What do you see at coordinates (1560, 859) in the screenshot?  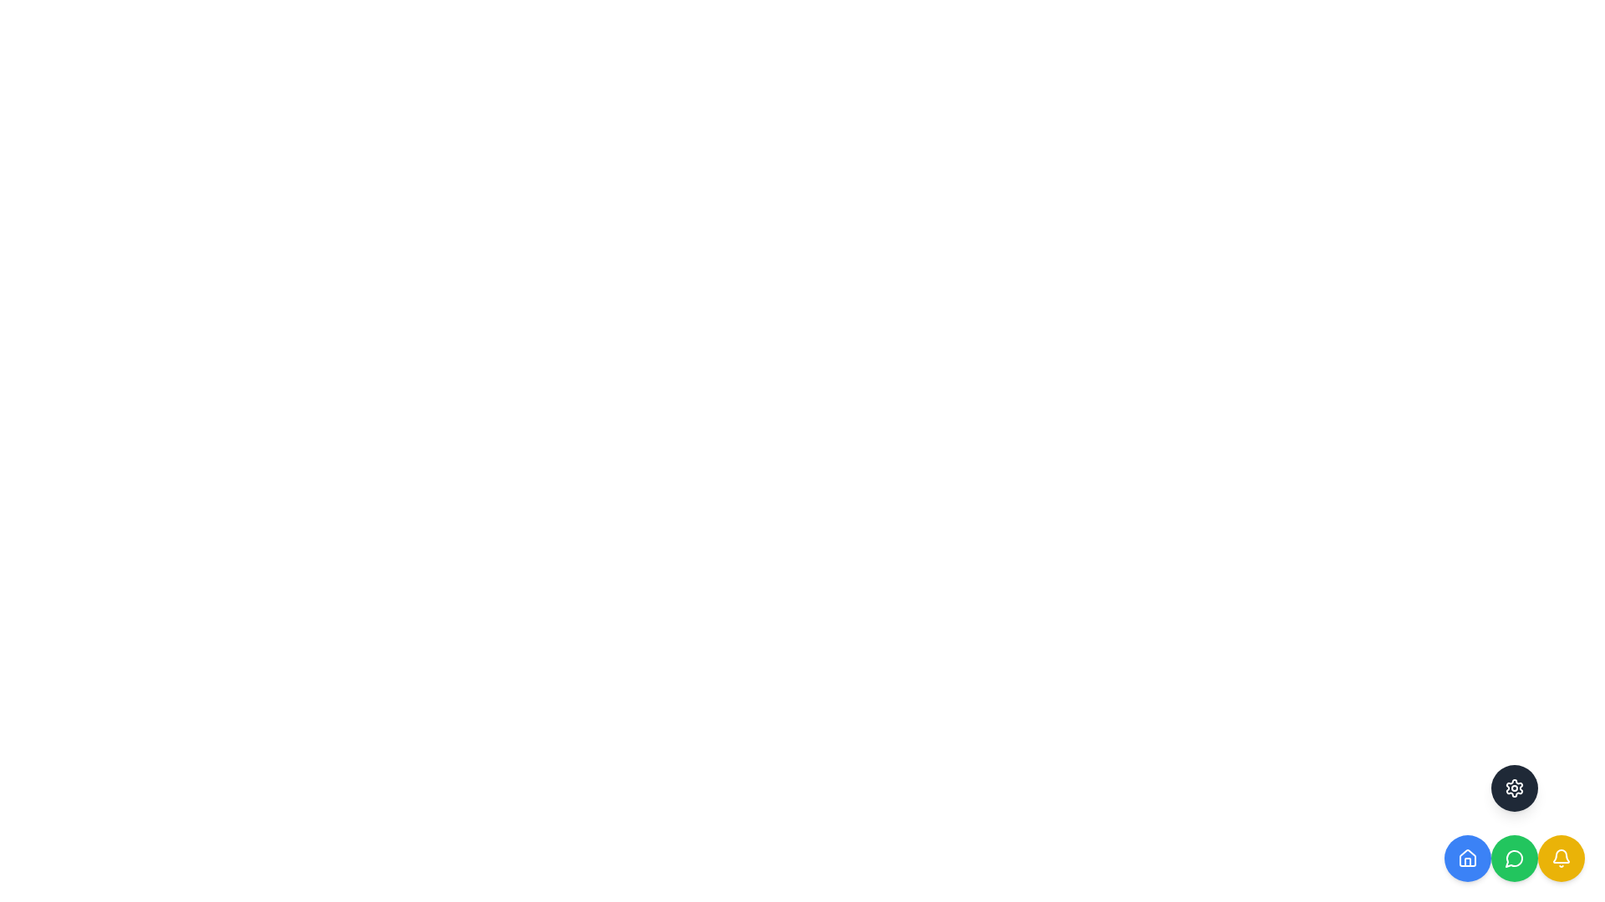 I see `the circular yellow button with a white bell icon at its center` at bounding box center [1560, 859].